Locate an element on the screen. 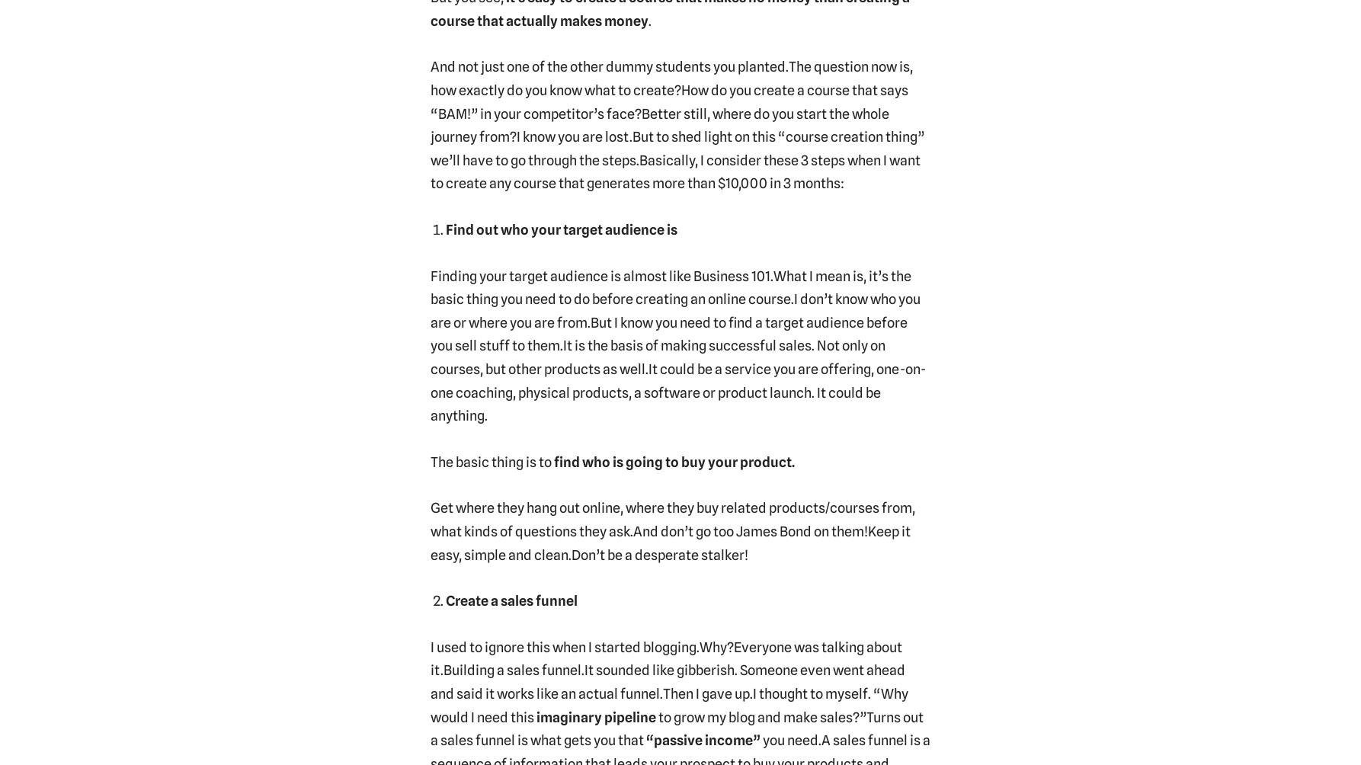  'Don’t be a desperate stalker!' is located at coordinates (658, 553).